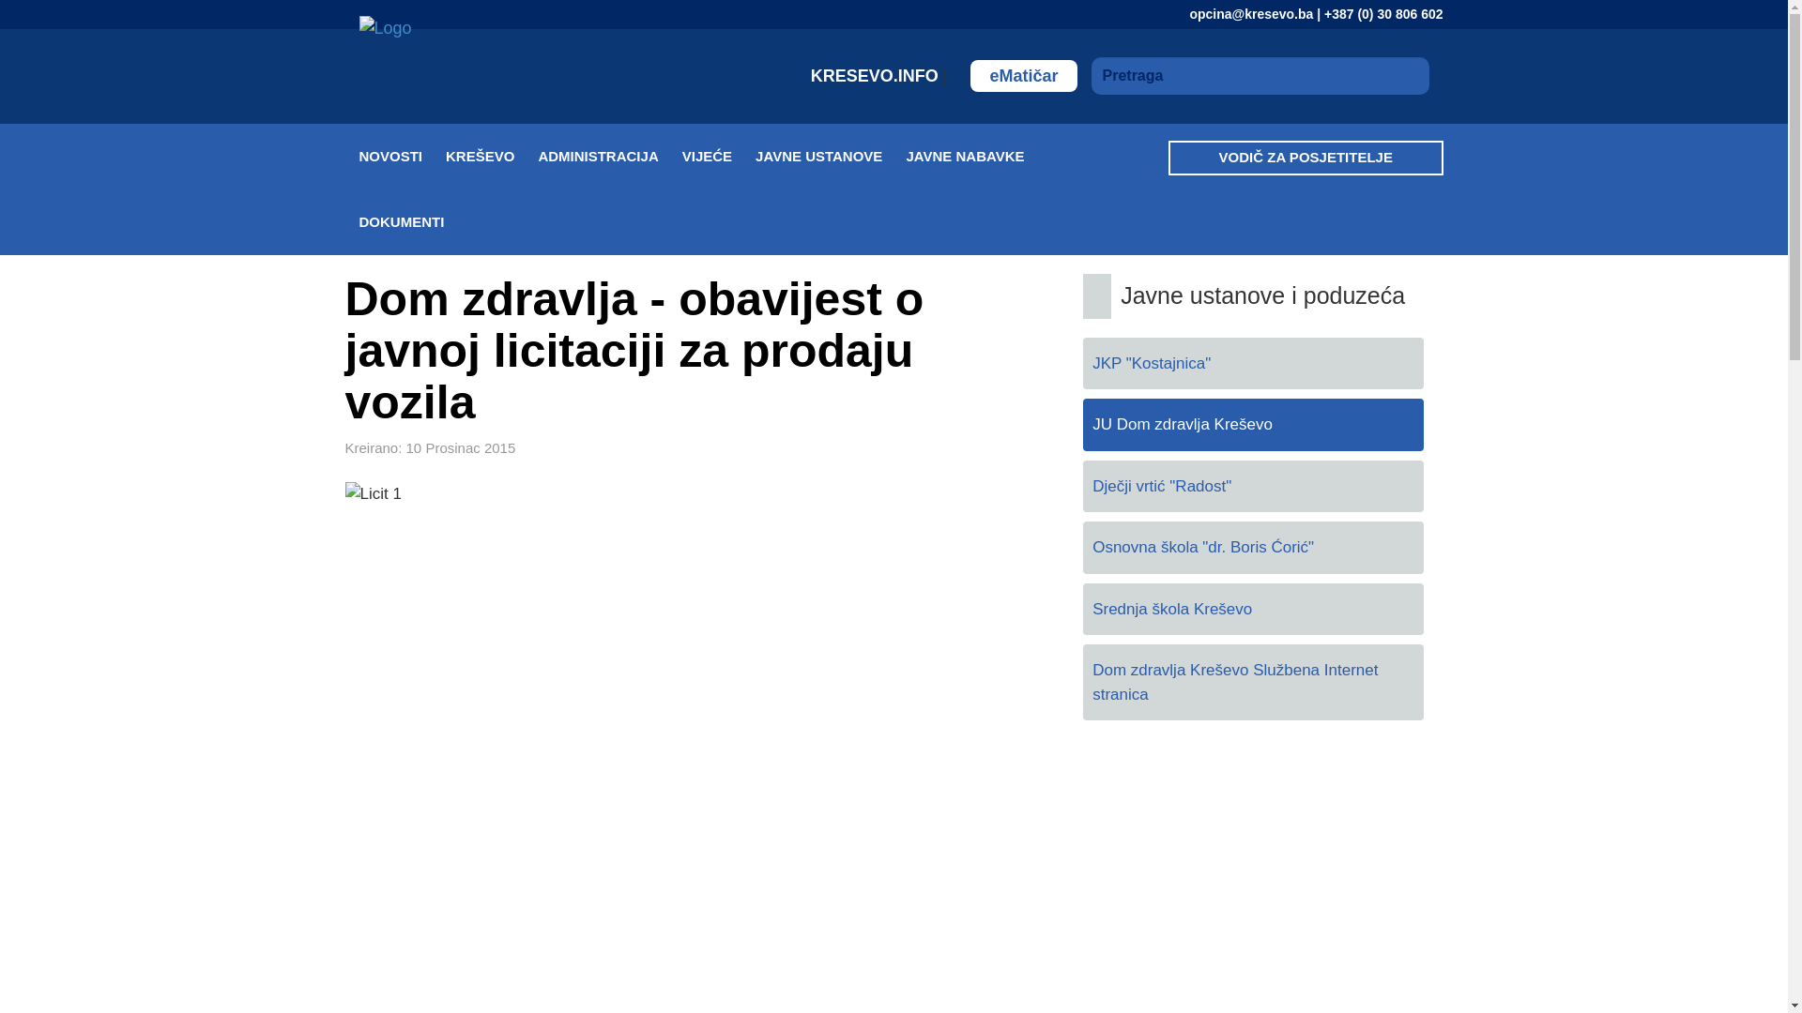 The width and height of the screenshot is (1802, 1013). I want to click on 'JAVNE NABAVKE', so click(905, 155).